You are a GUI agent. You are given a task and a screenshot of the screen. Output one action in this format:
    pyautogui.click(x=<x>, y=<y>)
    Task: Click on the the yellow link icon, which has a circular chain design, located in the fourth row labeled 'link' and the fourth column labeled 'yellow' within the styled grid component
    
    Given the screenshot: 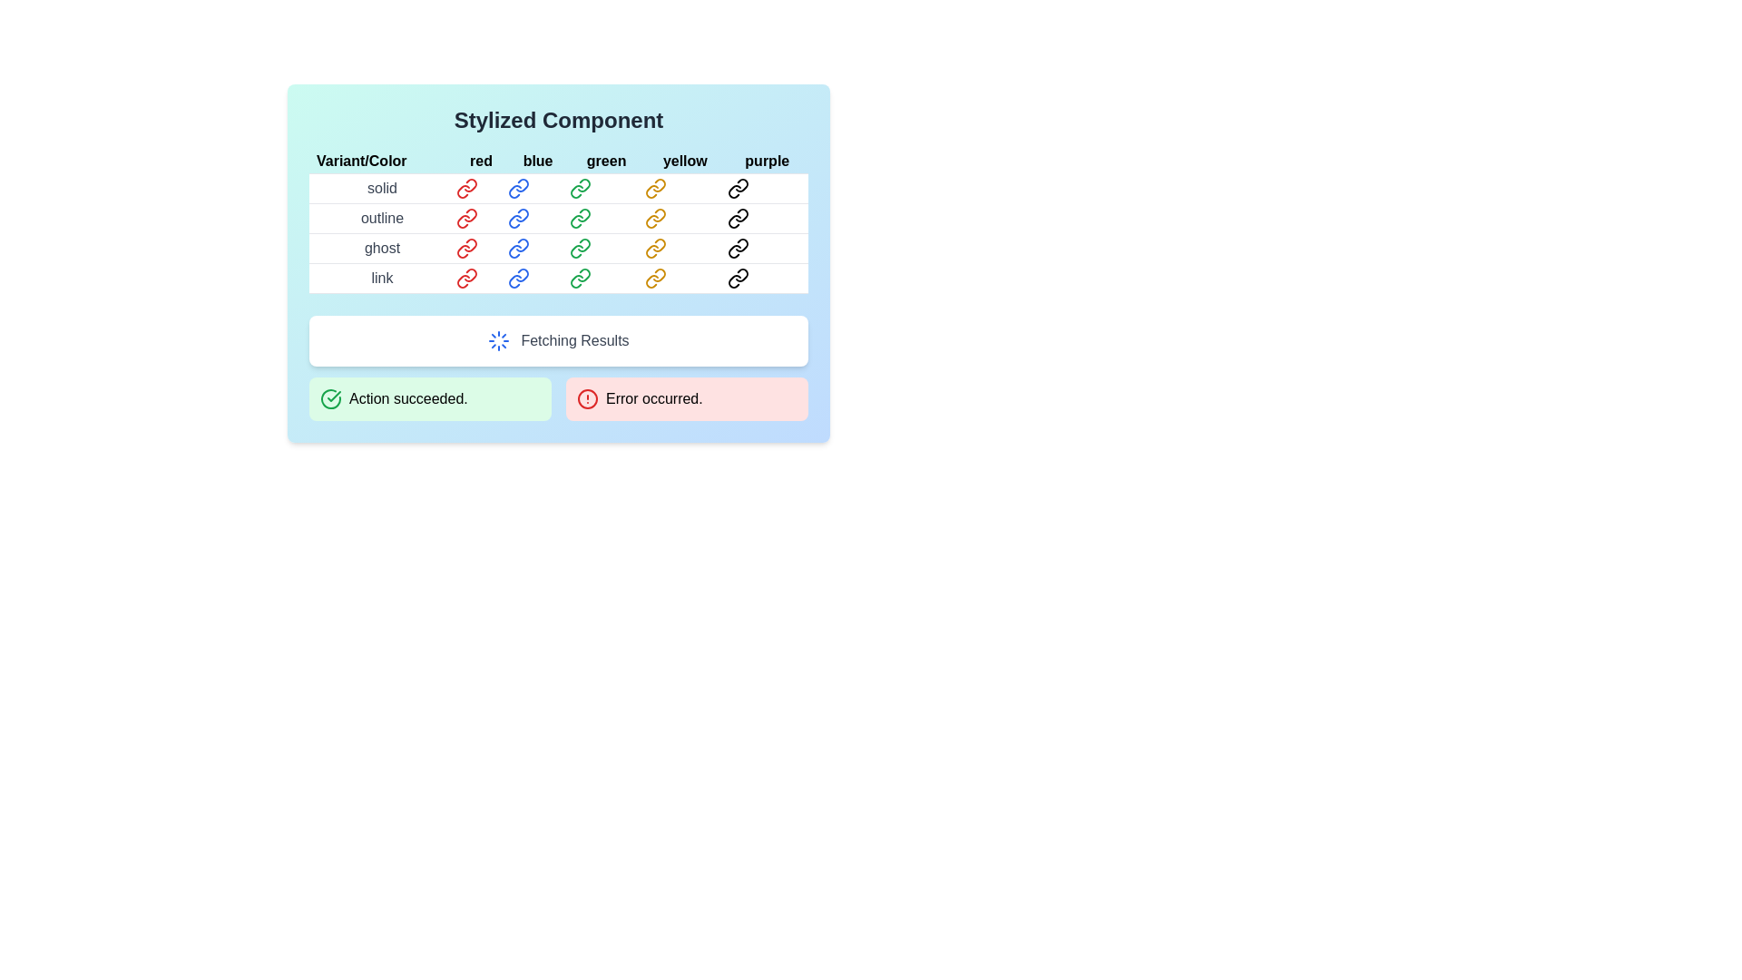 What is the action you would take?
    pyautogui.click(x=655, y=279)
    